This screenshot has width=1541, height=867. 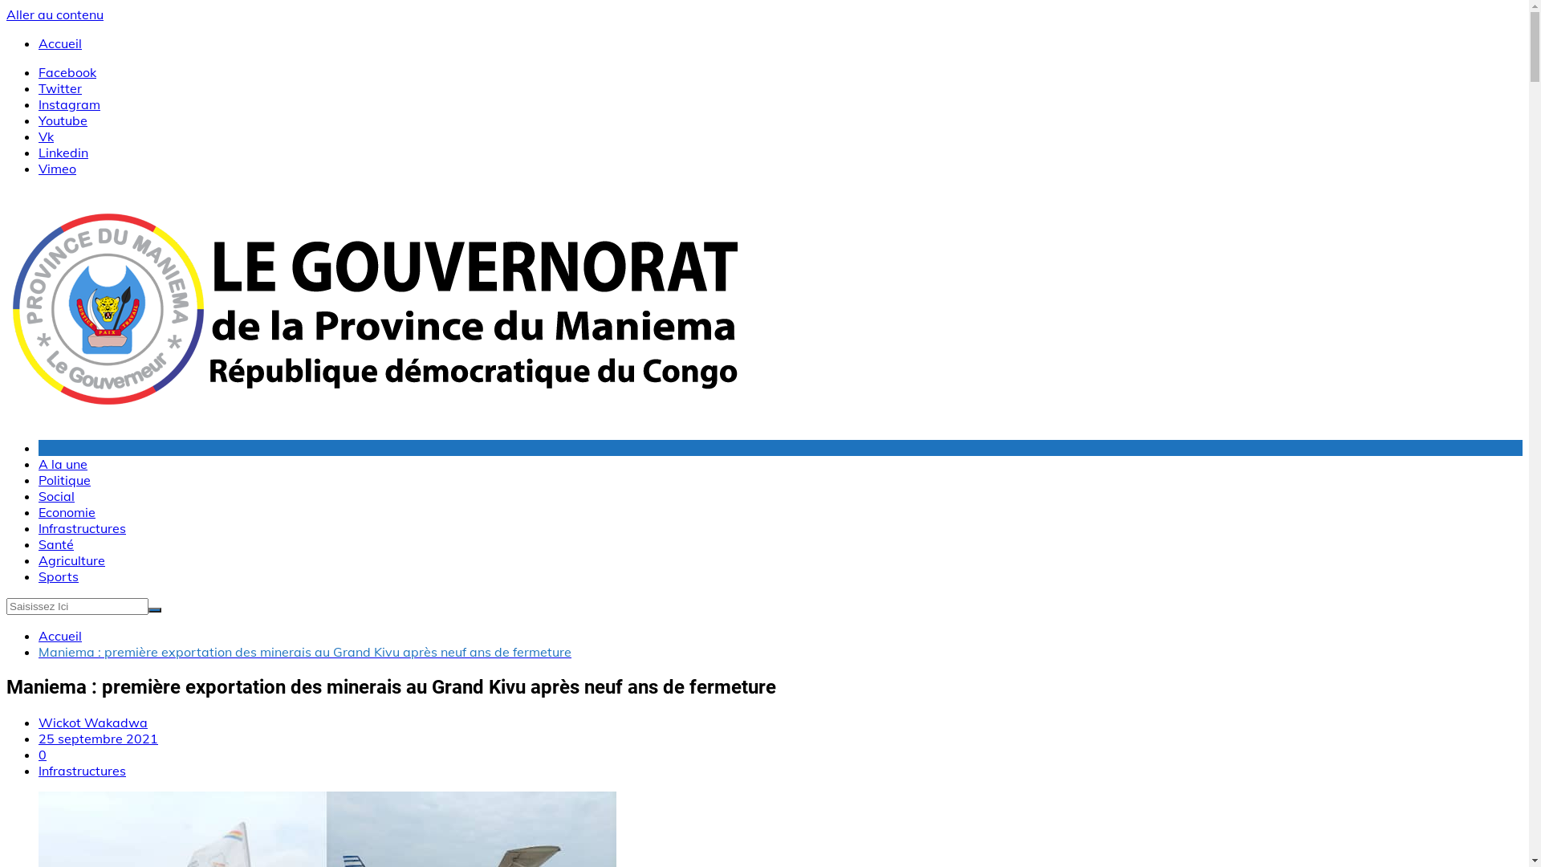 What do you see at coordinates (81, 770) in the screenshot?
I see `'Infrastructures'` at bounding box center [81, 770].